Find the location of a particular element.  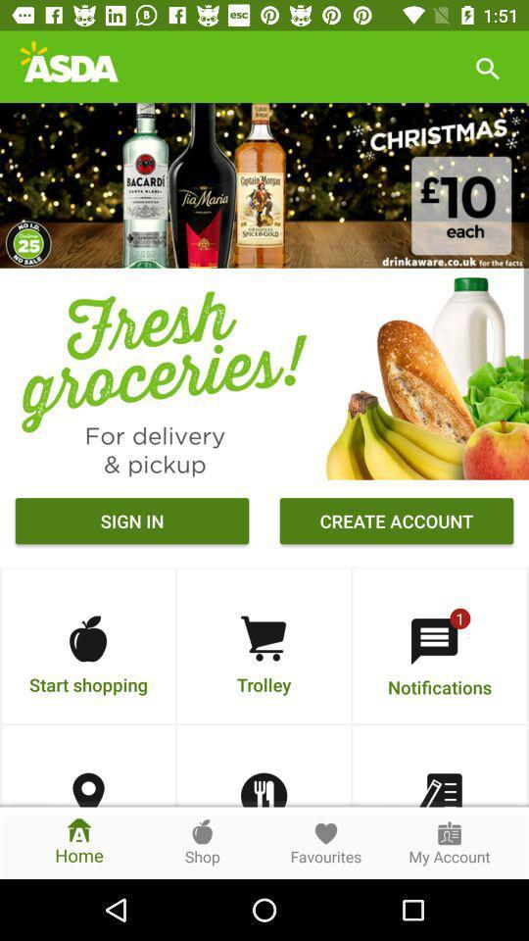

location icon on the bottom right is located at coordinates (87, 790).